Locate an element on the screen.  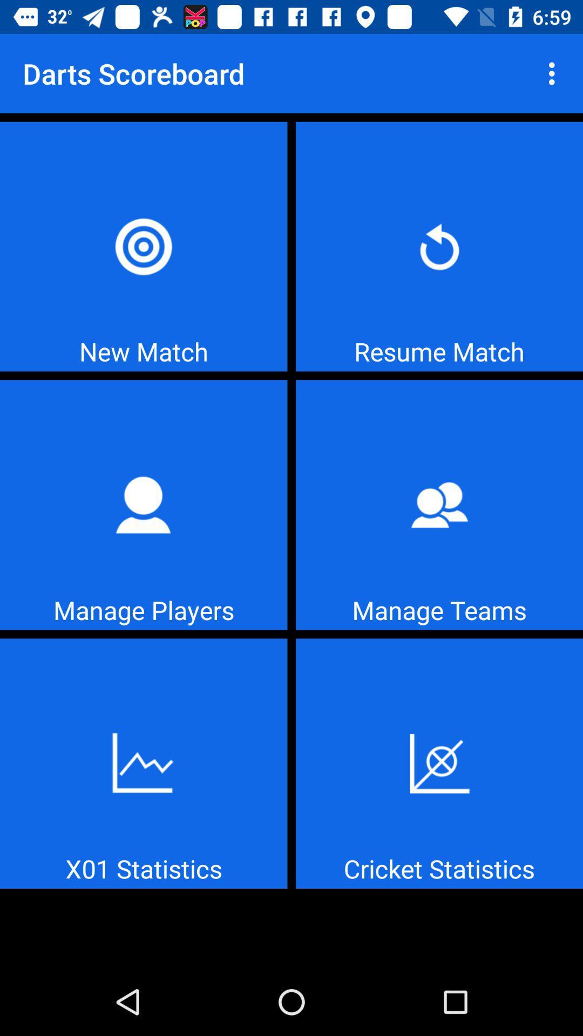
resume match is located at coordinates (439, 246).